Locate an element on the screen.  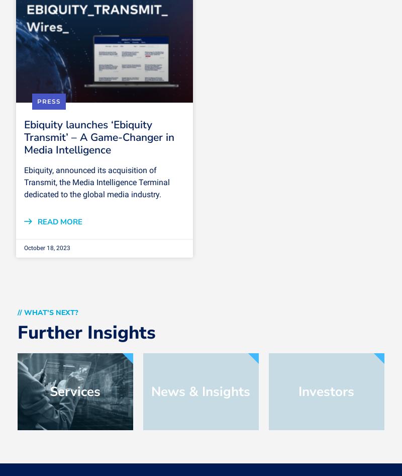
'Ebiquity, announced its acquisition of Transmit, the Media Intelligence Terminal dedicated to the global media industry.' is located at coordinates (96, 182).